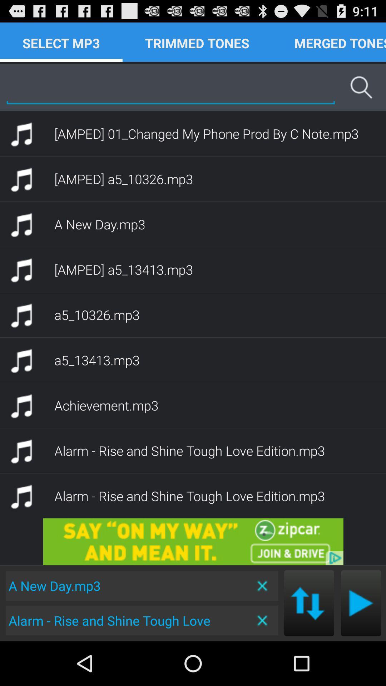  What do you see at coordinates (263, 620) in the screenshot?
I see `deletes song` at bounding box center [263, 620].